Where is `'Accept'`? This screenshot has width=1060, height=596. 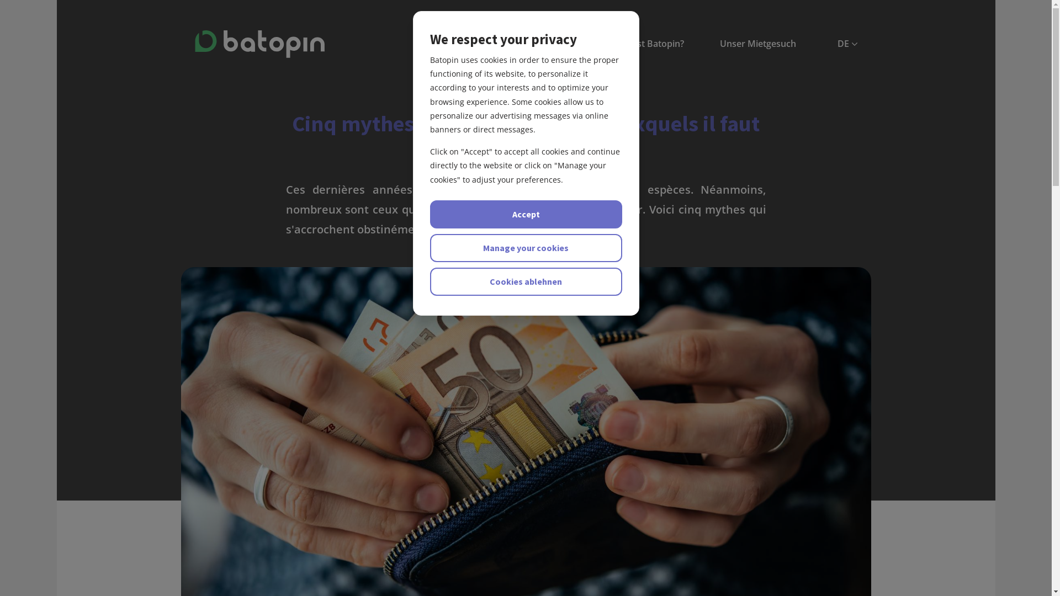 'Accept' is located at coordinates (524, 214).